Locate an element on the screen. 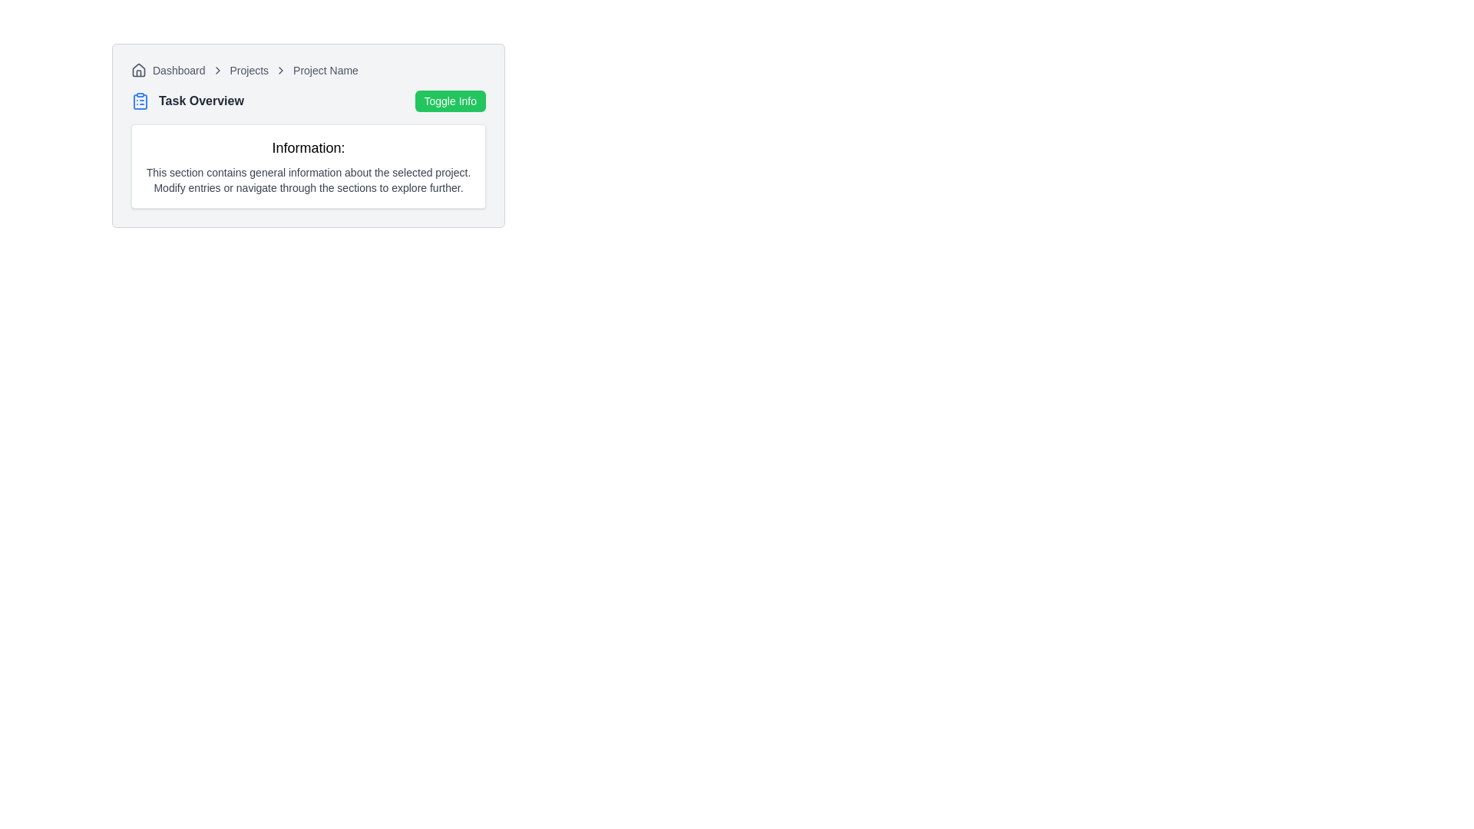 This screenshot has height=829, width=1474. the visual separator icon between the 'Dashboard' and 'Projects' in the breadcrumb navigation bar at the top-left of the application interface is located at coordinates (216, 71).